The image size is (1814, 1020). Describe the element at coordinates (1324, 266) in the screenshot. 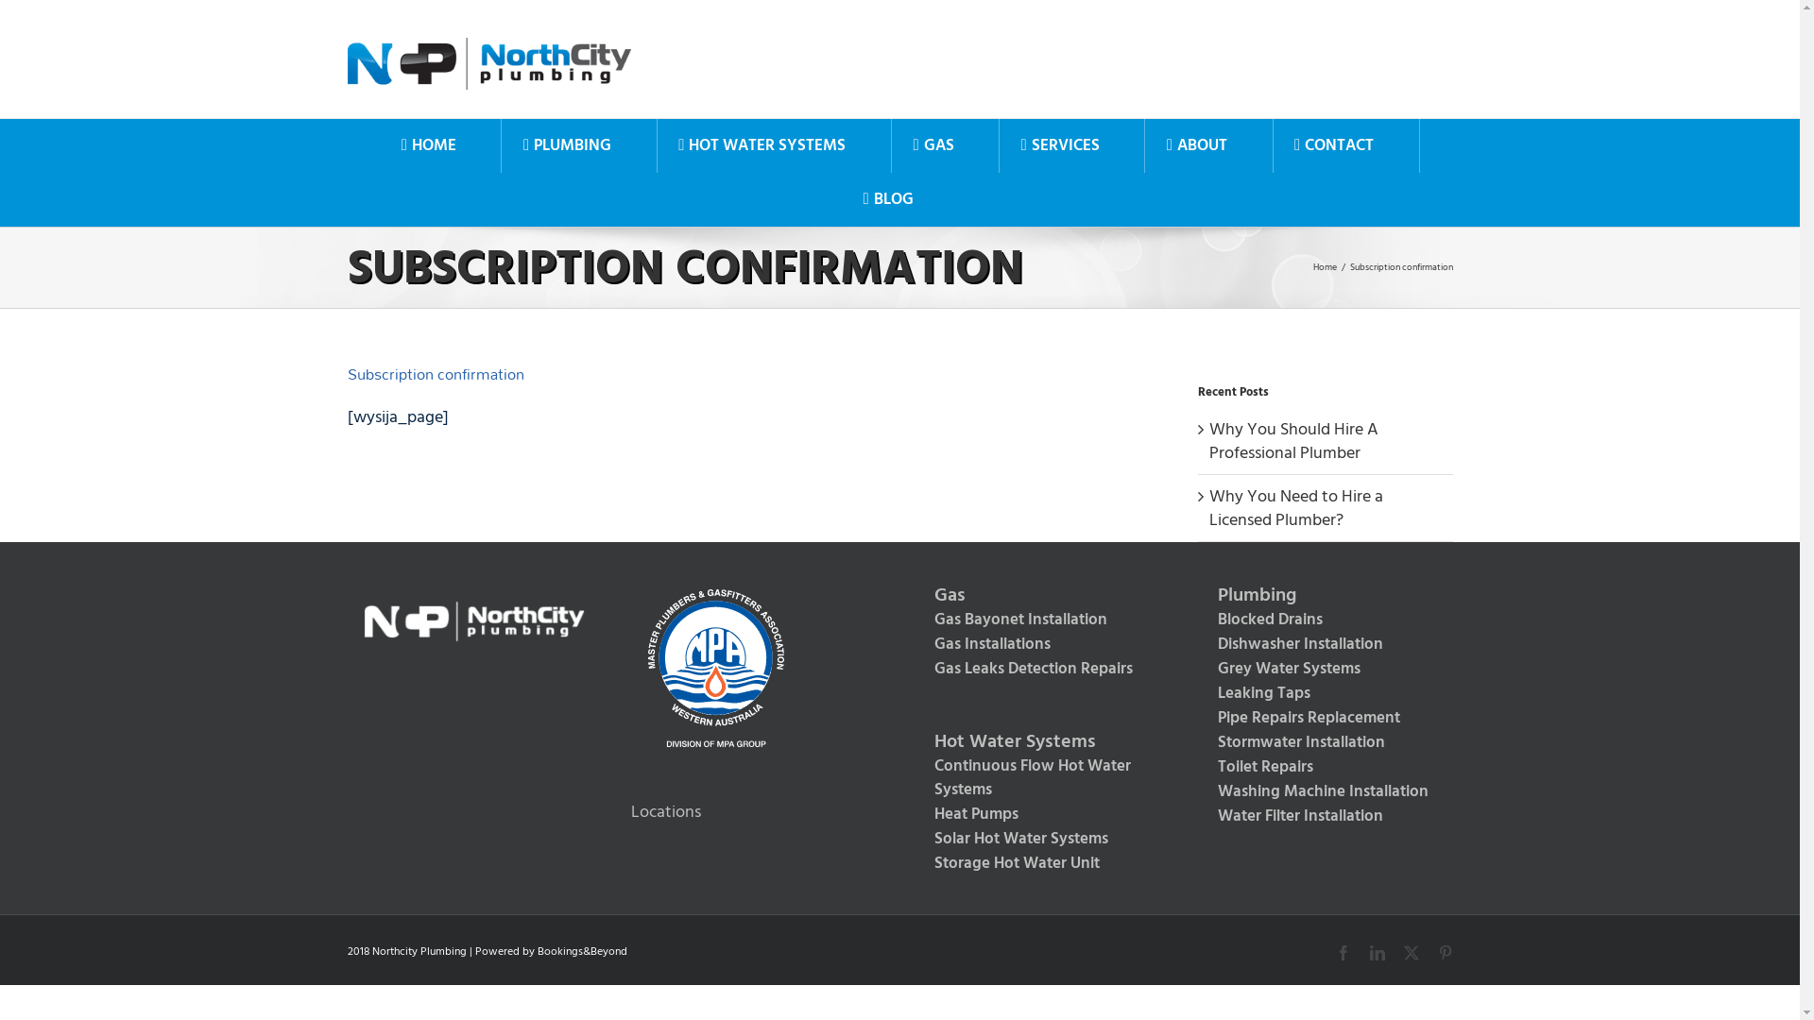

I see `'Home'` at that location.